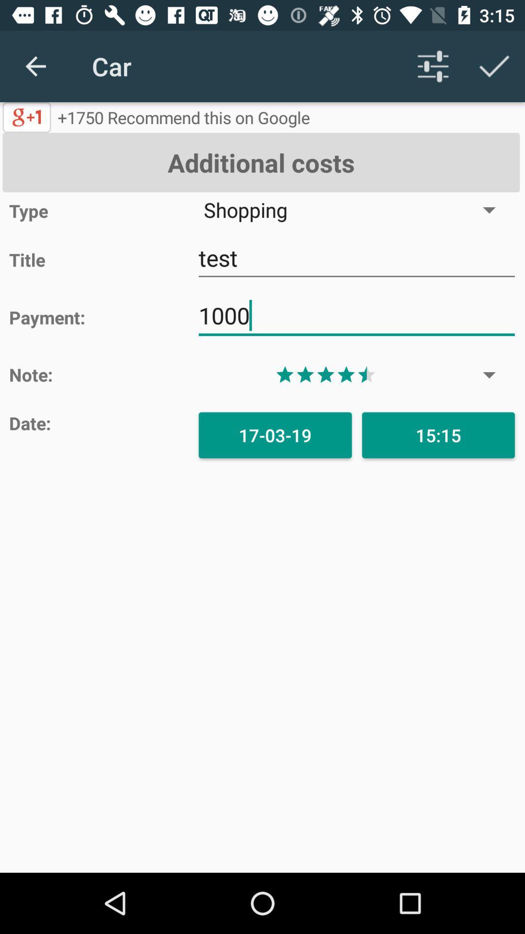 This screenshot has height=934, width=525. I want to click on the date which says 170319, so click(275, 434).